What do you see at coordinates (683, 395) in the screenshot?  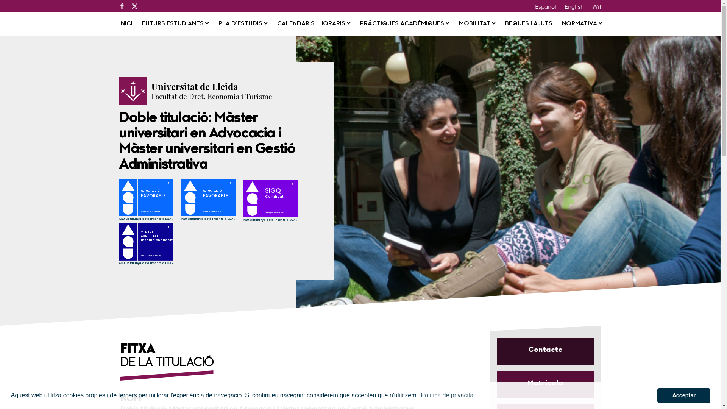 I see `'Acceptar'` at bounding box center [683, 395].